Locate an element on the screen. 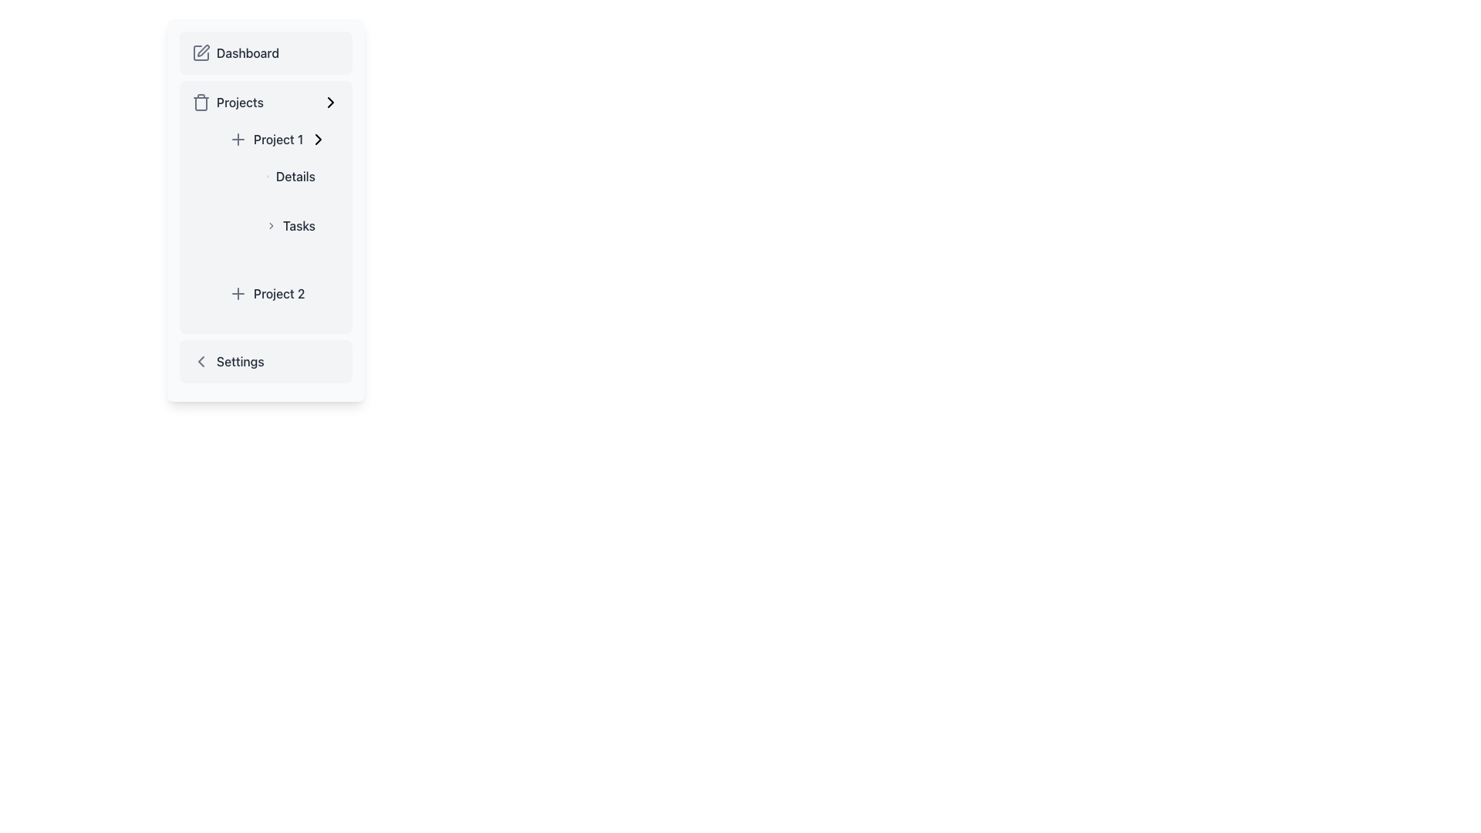 The height and width of the screenshot is (833, 1481). the text label located in the sidebar menu under the 'Project 1' section, which serves as a navigation link for the 'Details' feature is located at coordinates (295, 175).